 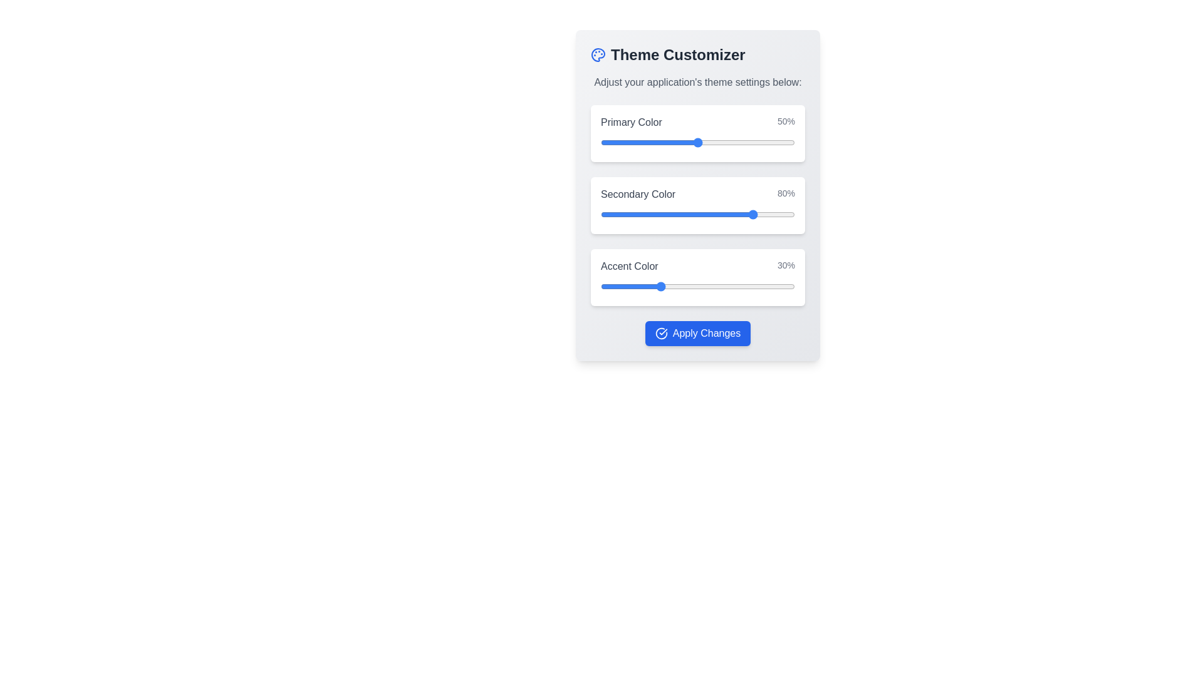 What do you see at coordinates (697, 123) in the screenshot?
I see `'Primary Color' label with the contextual value '50%' displayed in a white background card, which is positioned above a slider input in the topmost card of a vertically stacked group of three color adjustment settings` at bounding box center [697, 123].